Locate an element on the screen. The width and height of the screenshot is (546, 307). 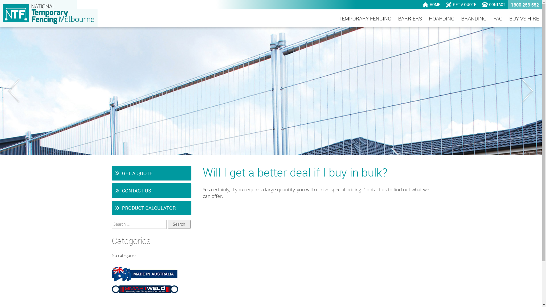
'HOARDING' is located at coordinates (429, 18).